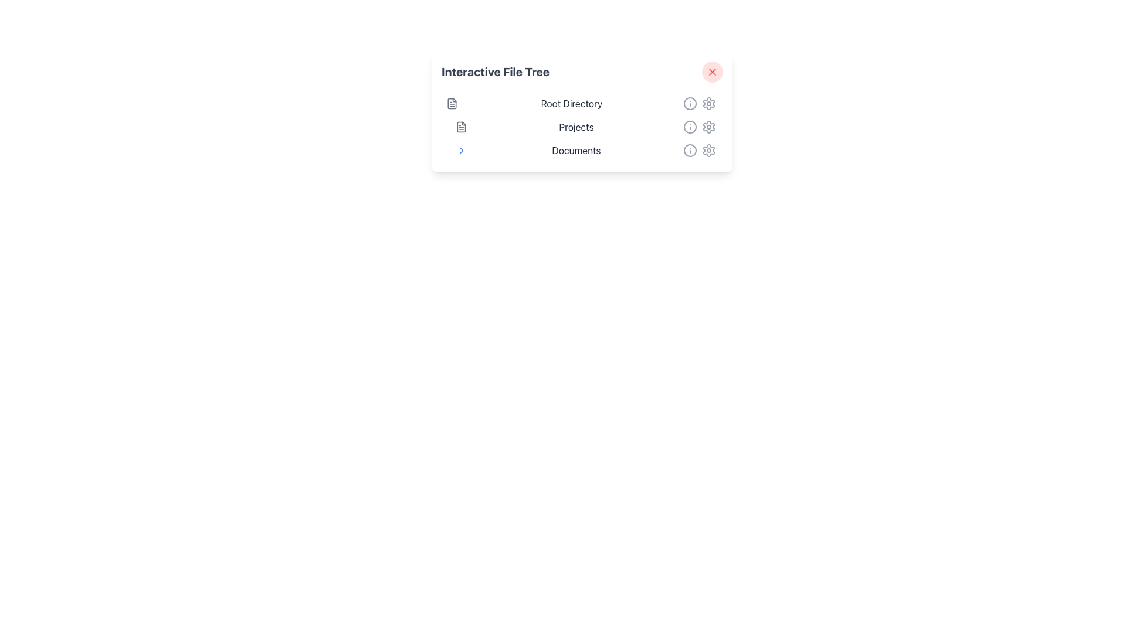 The image size is (1126, 633). Describe the element at coordinates (708, 103) in the screenshot. I see `the icon button that provides access to settings or configuration options related to the 'Root Directory' entry, located to the far right of the 'Root Directory' list item` at that location.